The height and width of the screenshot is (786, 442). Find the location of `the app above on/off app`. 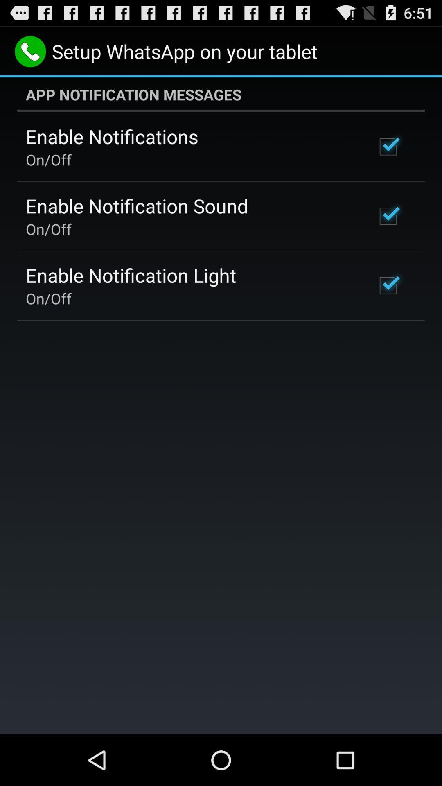

the app above on/off app is located at coordinates (112, 136).